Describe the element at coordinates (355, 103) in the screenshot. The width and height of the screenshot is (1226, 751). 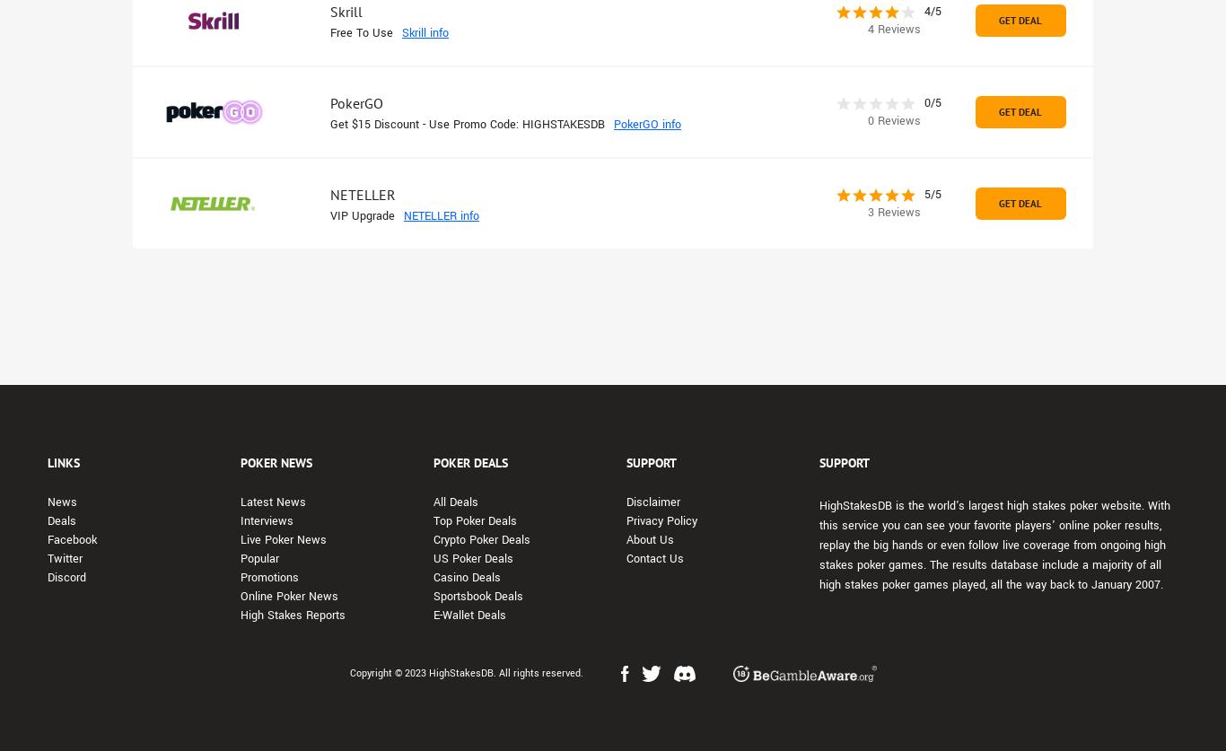
I see `'PokerGO'` at that location.